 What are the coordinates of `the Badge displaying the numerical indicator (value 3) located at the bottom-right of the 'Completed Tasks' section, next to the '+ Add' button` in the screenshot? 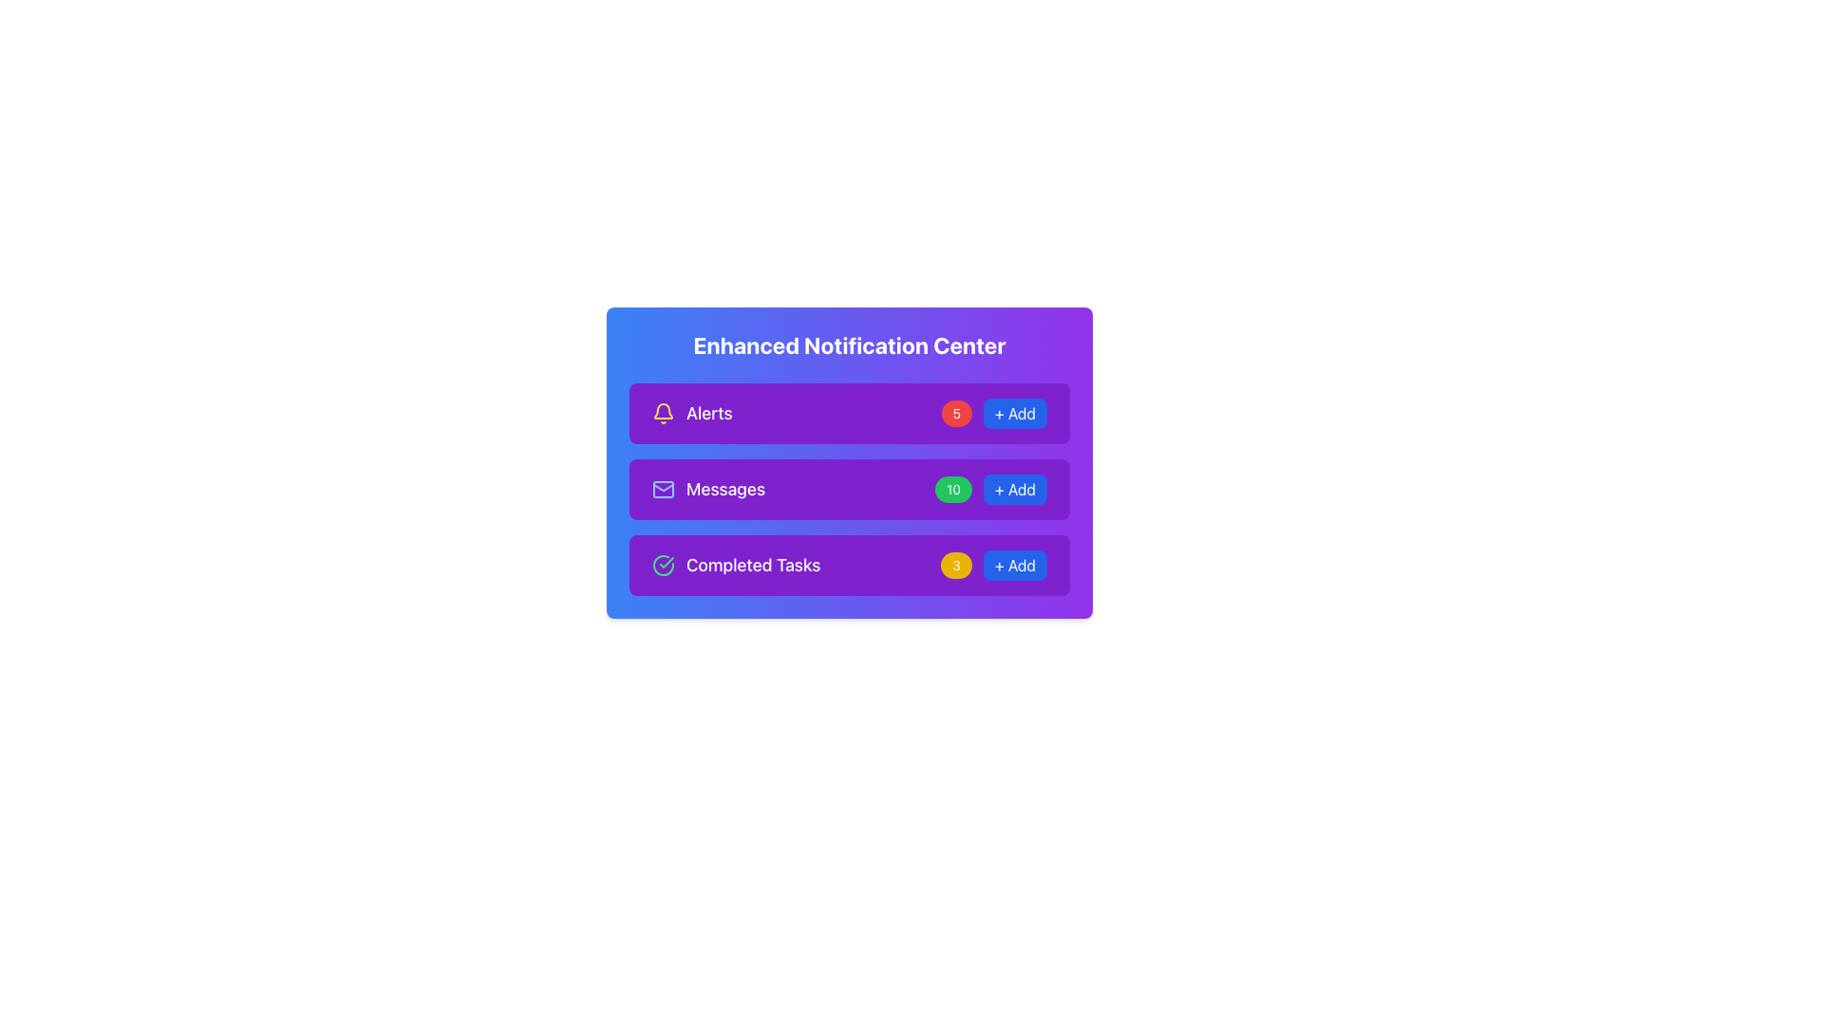 It's located at (956, 565).